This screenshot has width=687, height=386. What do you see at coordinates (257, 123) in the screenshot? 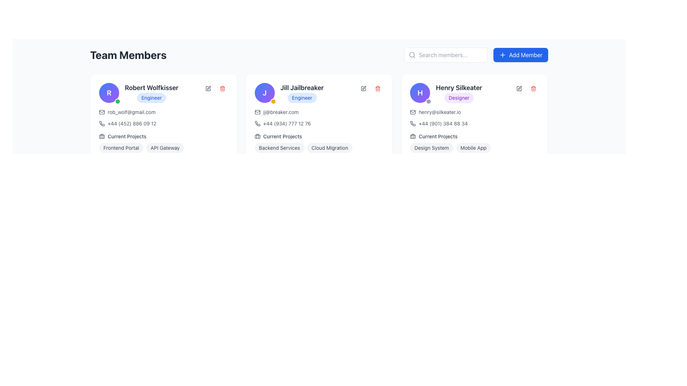
I see `the SVG-based phone icon representing the phone number field for 'Jill Jailbreaker'` at bounding box center [257, 123].